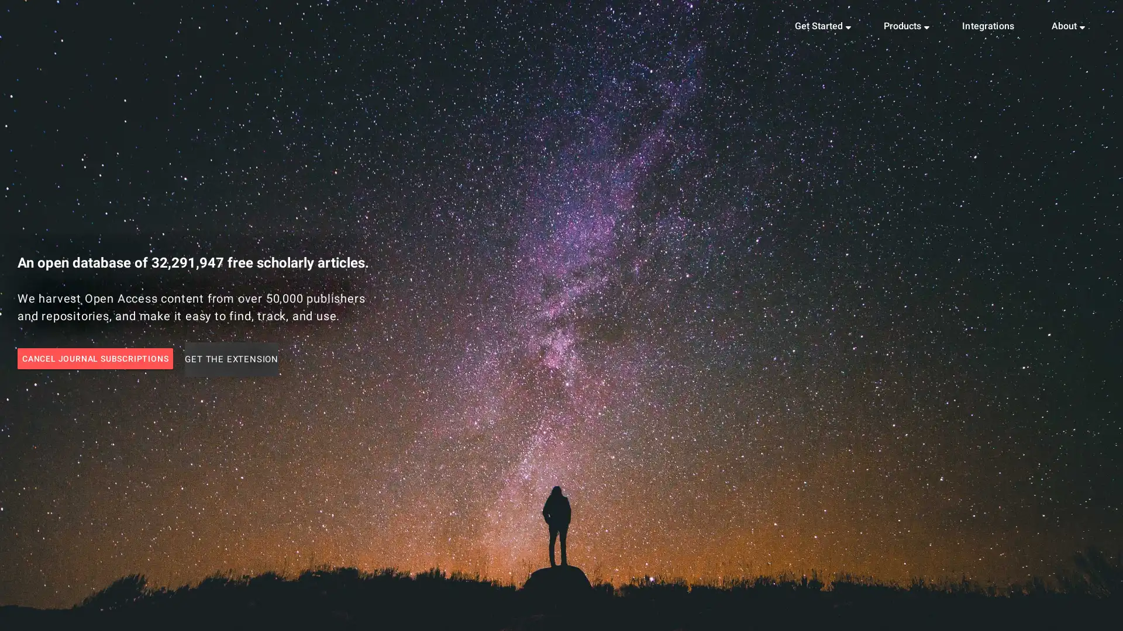 This screenshot has width=1123, height=631. Describe the element at coordinates (822, 25) in the screenshot. I see `Get Started` at that location.